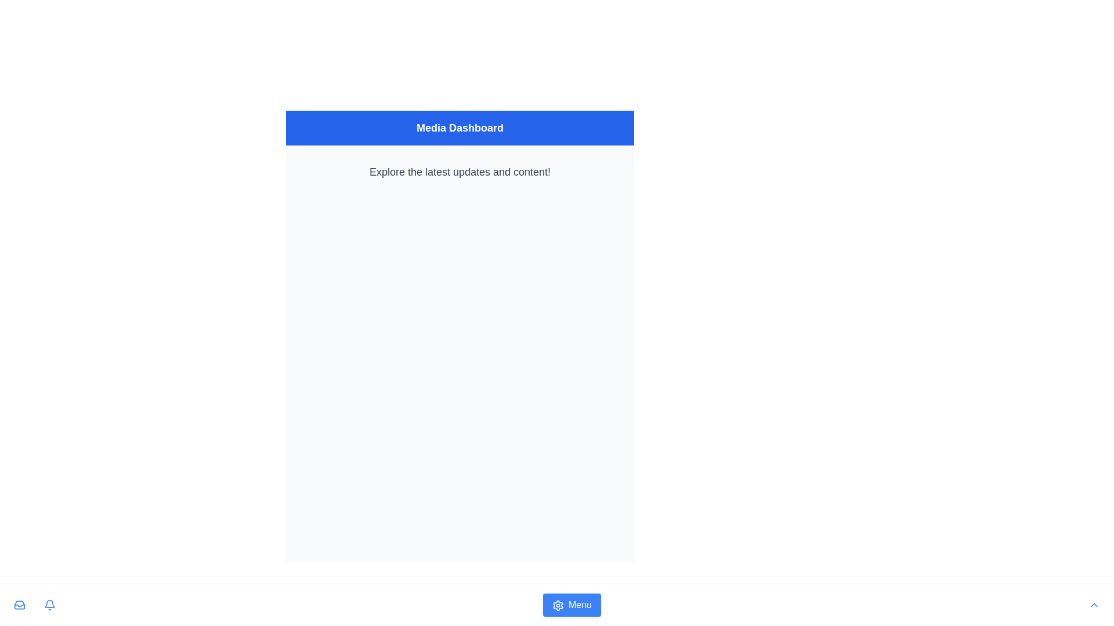 This screenshot has height=626, width=1114. Describe the element at coordinates (558, 605) in the screenshot. I see `the blue gear-shaped icon in the bottom navigation bar` at that location.